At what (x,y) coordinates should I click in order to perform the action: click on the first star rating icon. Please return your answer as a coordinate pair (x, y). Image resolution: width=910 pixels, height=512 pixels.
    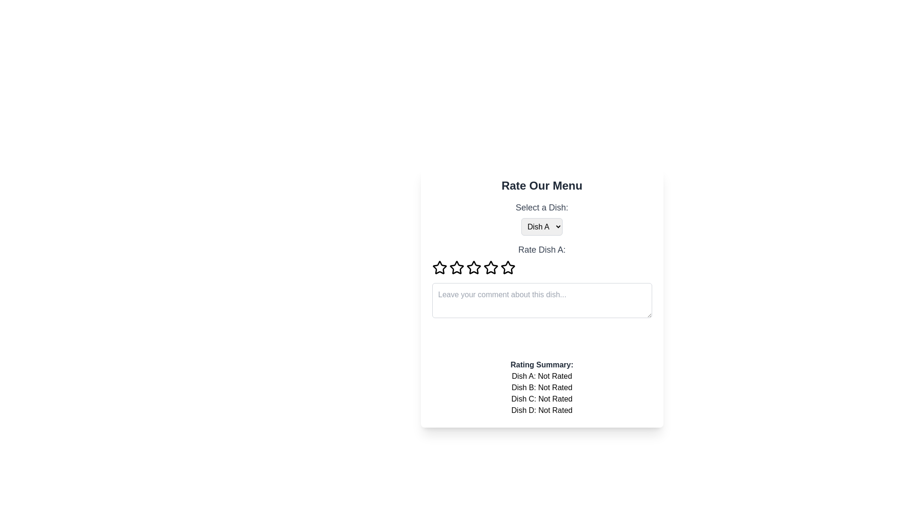
    Looking at the image, I should click on (439, 267).